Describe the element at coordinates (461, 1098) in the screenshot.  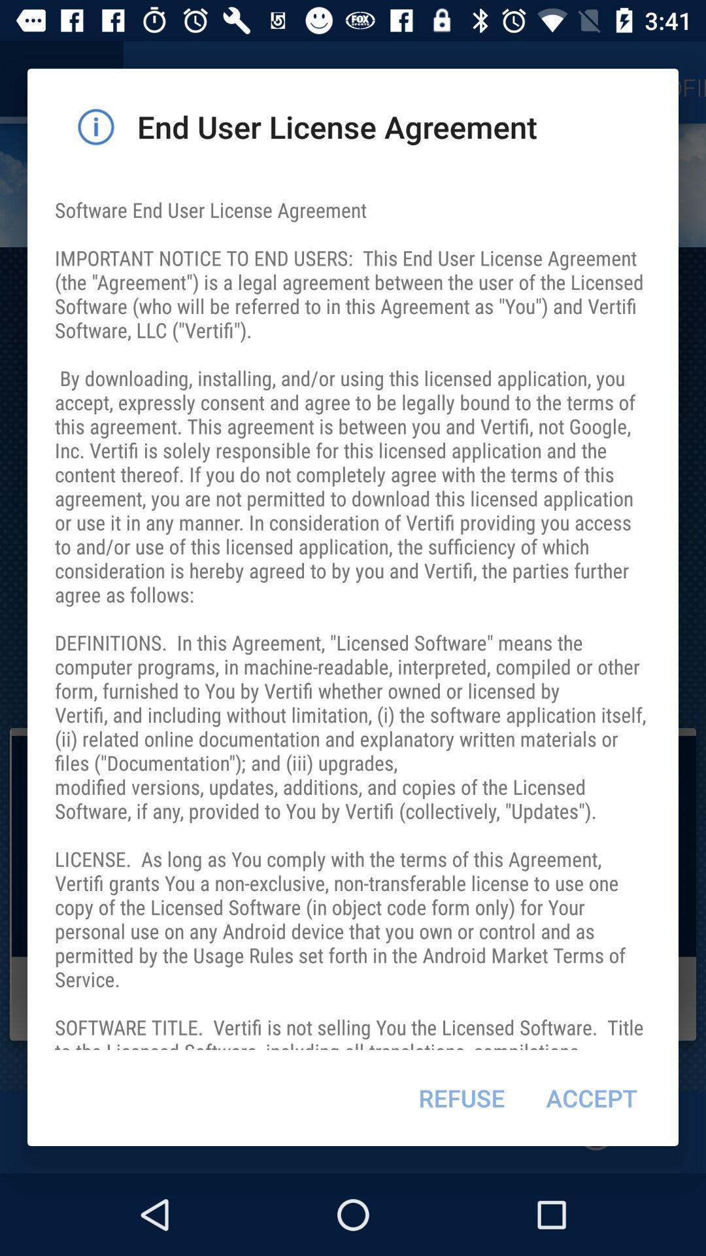
I see `icon to the left of accept` at that location.